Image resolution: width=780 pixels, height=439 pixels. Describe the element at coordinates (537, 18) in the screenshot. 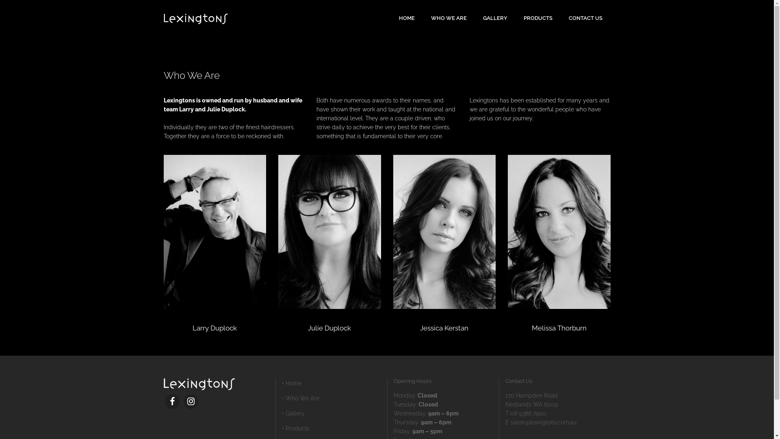

I see `'PRODUCTS'` at that location.